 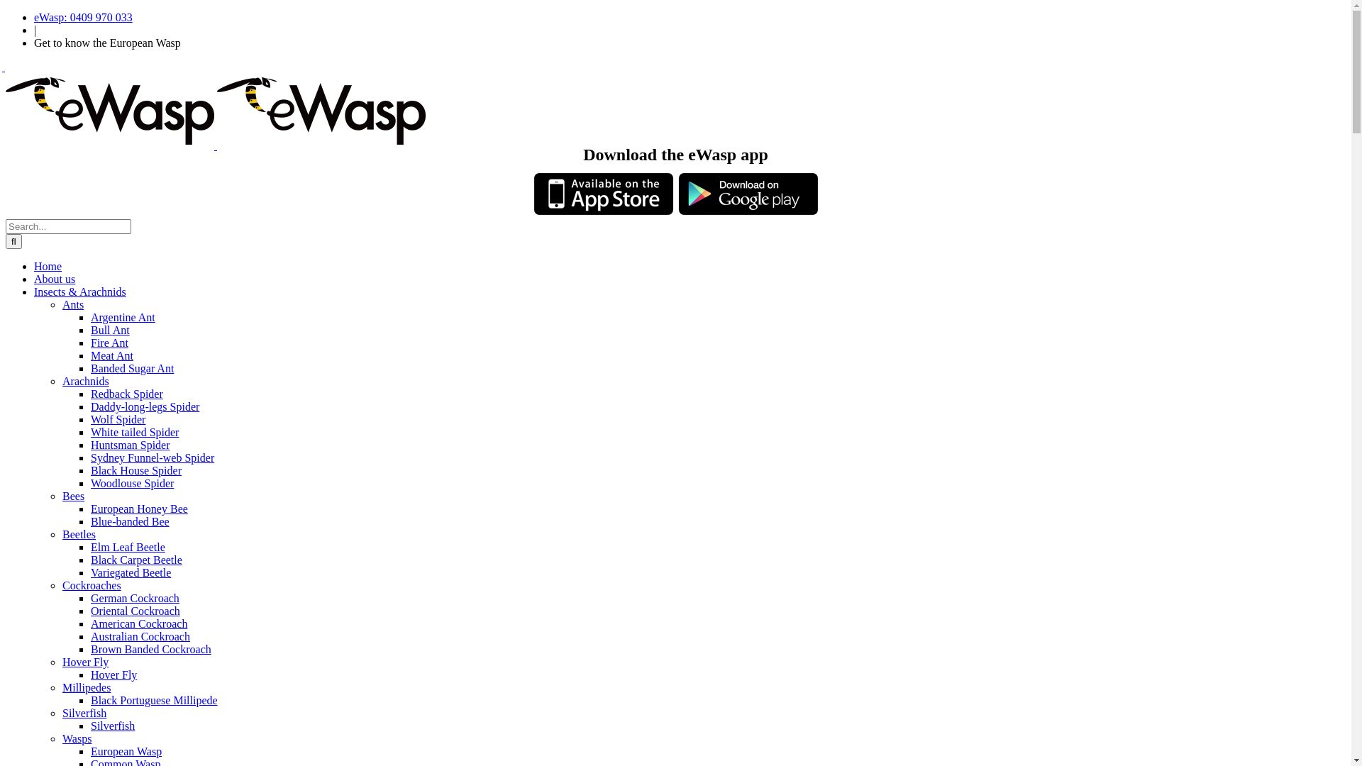 What do you see at coordinates (85, 687) in the screenshot?
I see `'Millipedes'` at bounding box center [85, 687].